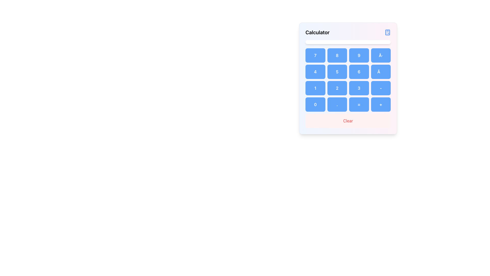  What do you see at coordinates (317, 32) in the screenshot?
I see `the bold 'Calculator' text label located at the top left of the calculator interface` at bounding box center [317, 32].